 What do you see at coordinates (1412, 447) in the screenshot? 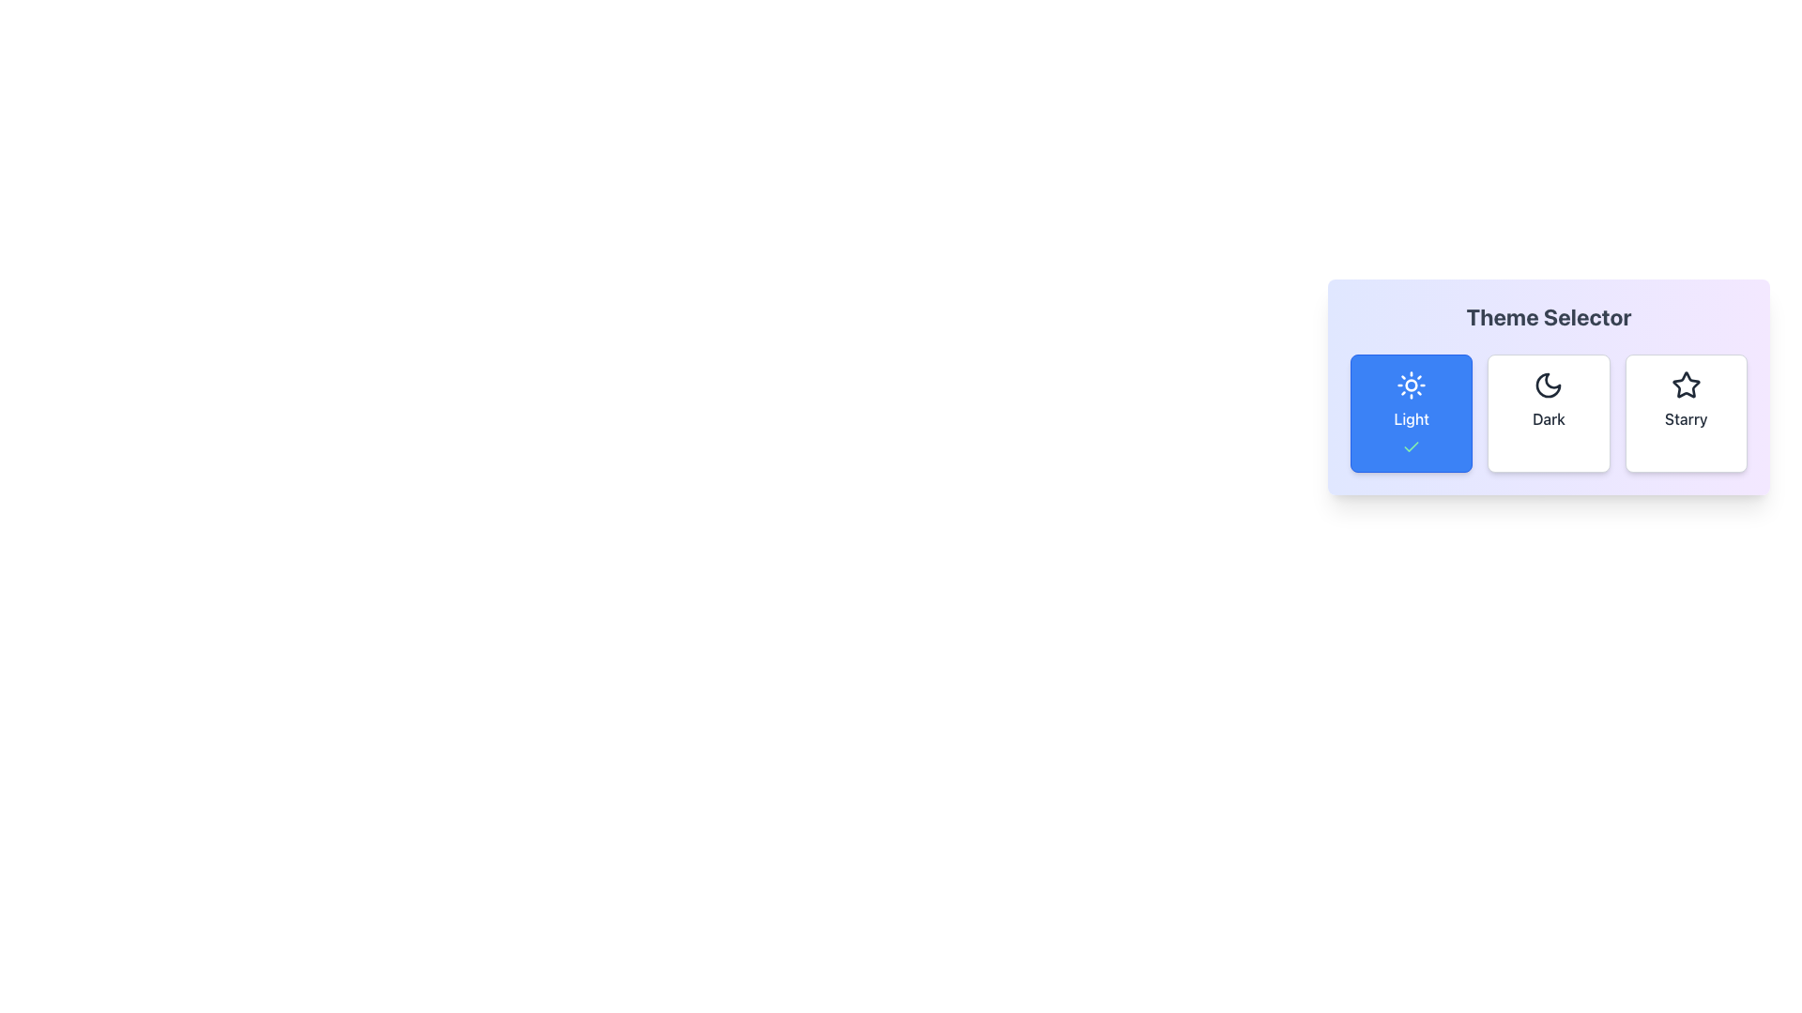
I see `the checkmark icon indicating that the 'Light' theme is selected, which is located within the 'Light' theme selection button` at bounding box center [1412, 447].